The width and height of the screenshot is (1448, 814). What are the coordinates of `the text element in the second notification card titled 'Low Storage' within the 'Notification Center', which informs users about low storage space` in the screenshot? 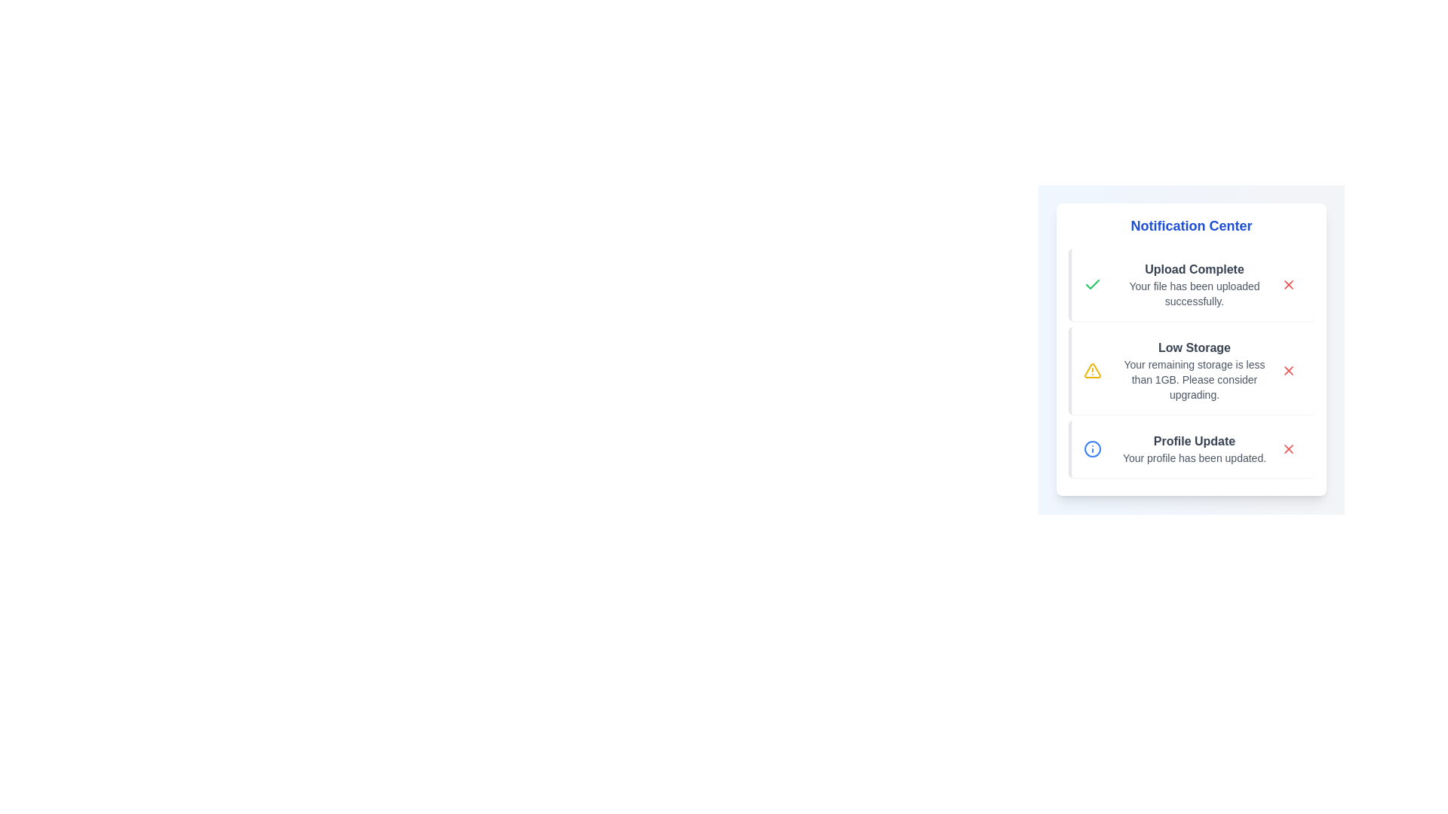 It's located at (1194, 379).